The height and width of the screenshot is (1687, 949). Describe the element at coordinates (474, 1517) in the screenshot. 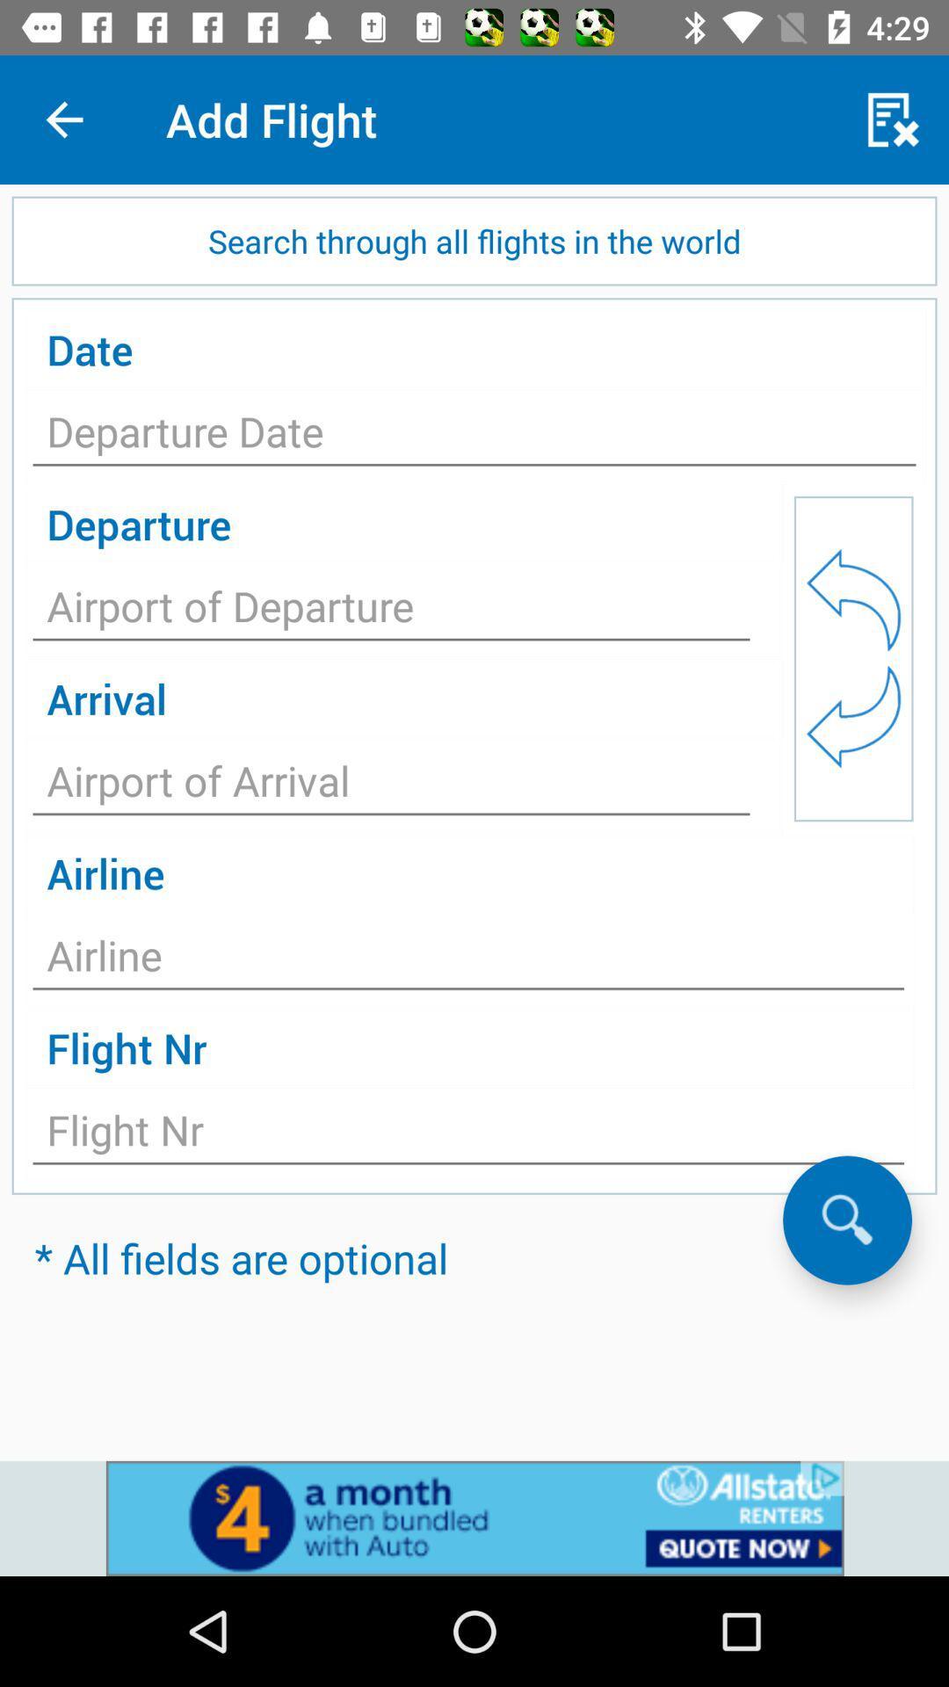

I see `advertisement banner` at that location.